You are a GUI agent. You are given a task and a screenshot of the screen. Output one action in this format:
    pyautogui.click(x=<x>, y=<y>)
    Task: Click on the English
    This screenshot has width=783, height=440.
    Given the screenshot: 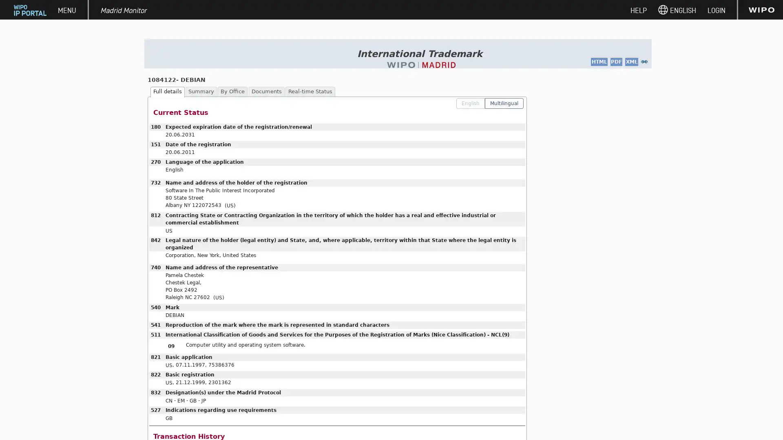 What is the action you would take?
    pyautogui.click(x=470, y=103)
    